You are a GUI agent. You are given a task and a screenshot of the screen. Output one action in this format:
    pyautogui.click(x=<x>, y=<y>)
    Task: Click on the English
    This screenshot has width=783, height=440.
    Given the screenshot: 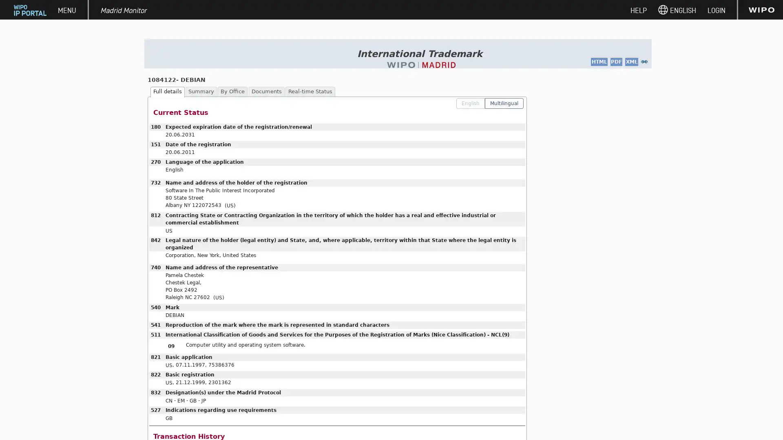 What is the action you would take?
    pyautogui.click(x=470, y=103)
    